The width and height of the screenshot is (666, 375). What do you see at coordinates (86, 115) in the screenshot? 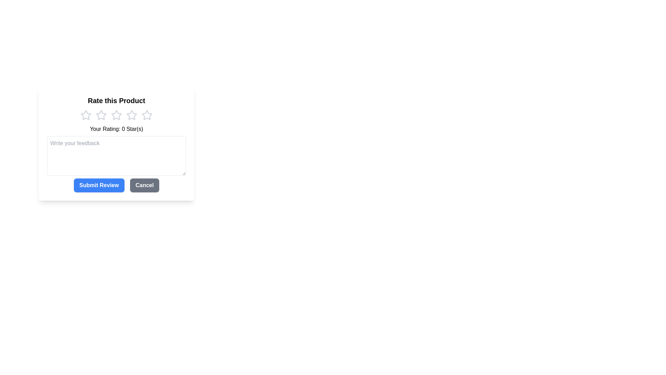
I see `the first rating star below the heading 'Rate this Product' to set the rating` at bounding box center [86, 115].